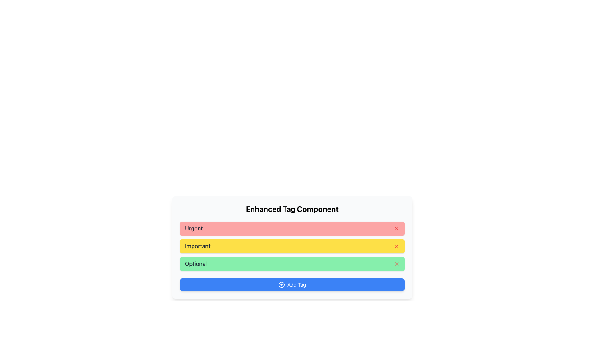 The image size is (607, 341). What do you see at coordinates (396, 264) in the screenshot?
I see `the small red 'X' close button located on the right side of the green 'Optional' bar` at bounding box center [396, 264].